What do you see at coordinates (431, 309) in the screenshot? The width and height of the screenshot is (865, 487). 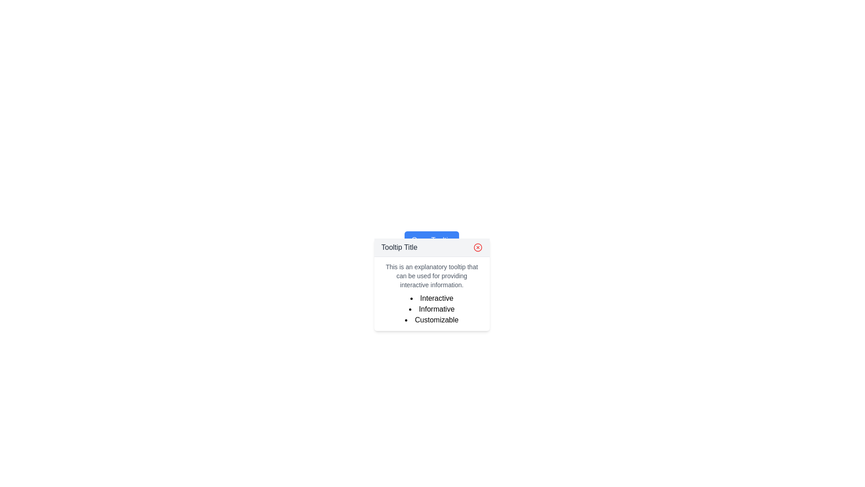 I see `the second item in a vertical bulleted list that contains the word 'Informative' styled in black font within a tooltip box` at bounding box center [431, 309].